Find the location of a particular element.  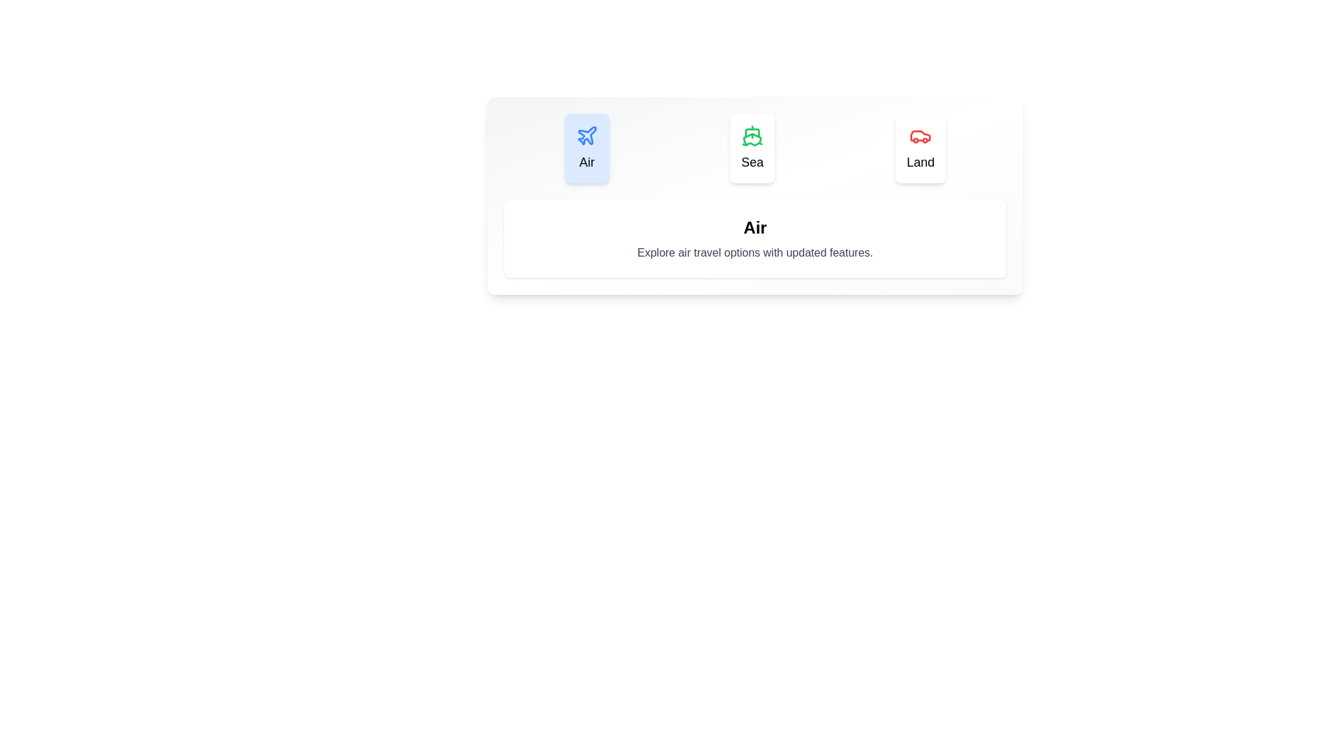

the button corresponding to the selected mode of transportation: Sea is located at coordinates (752, 148).